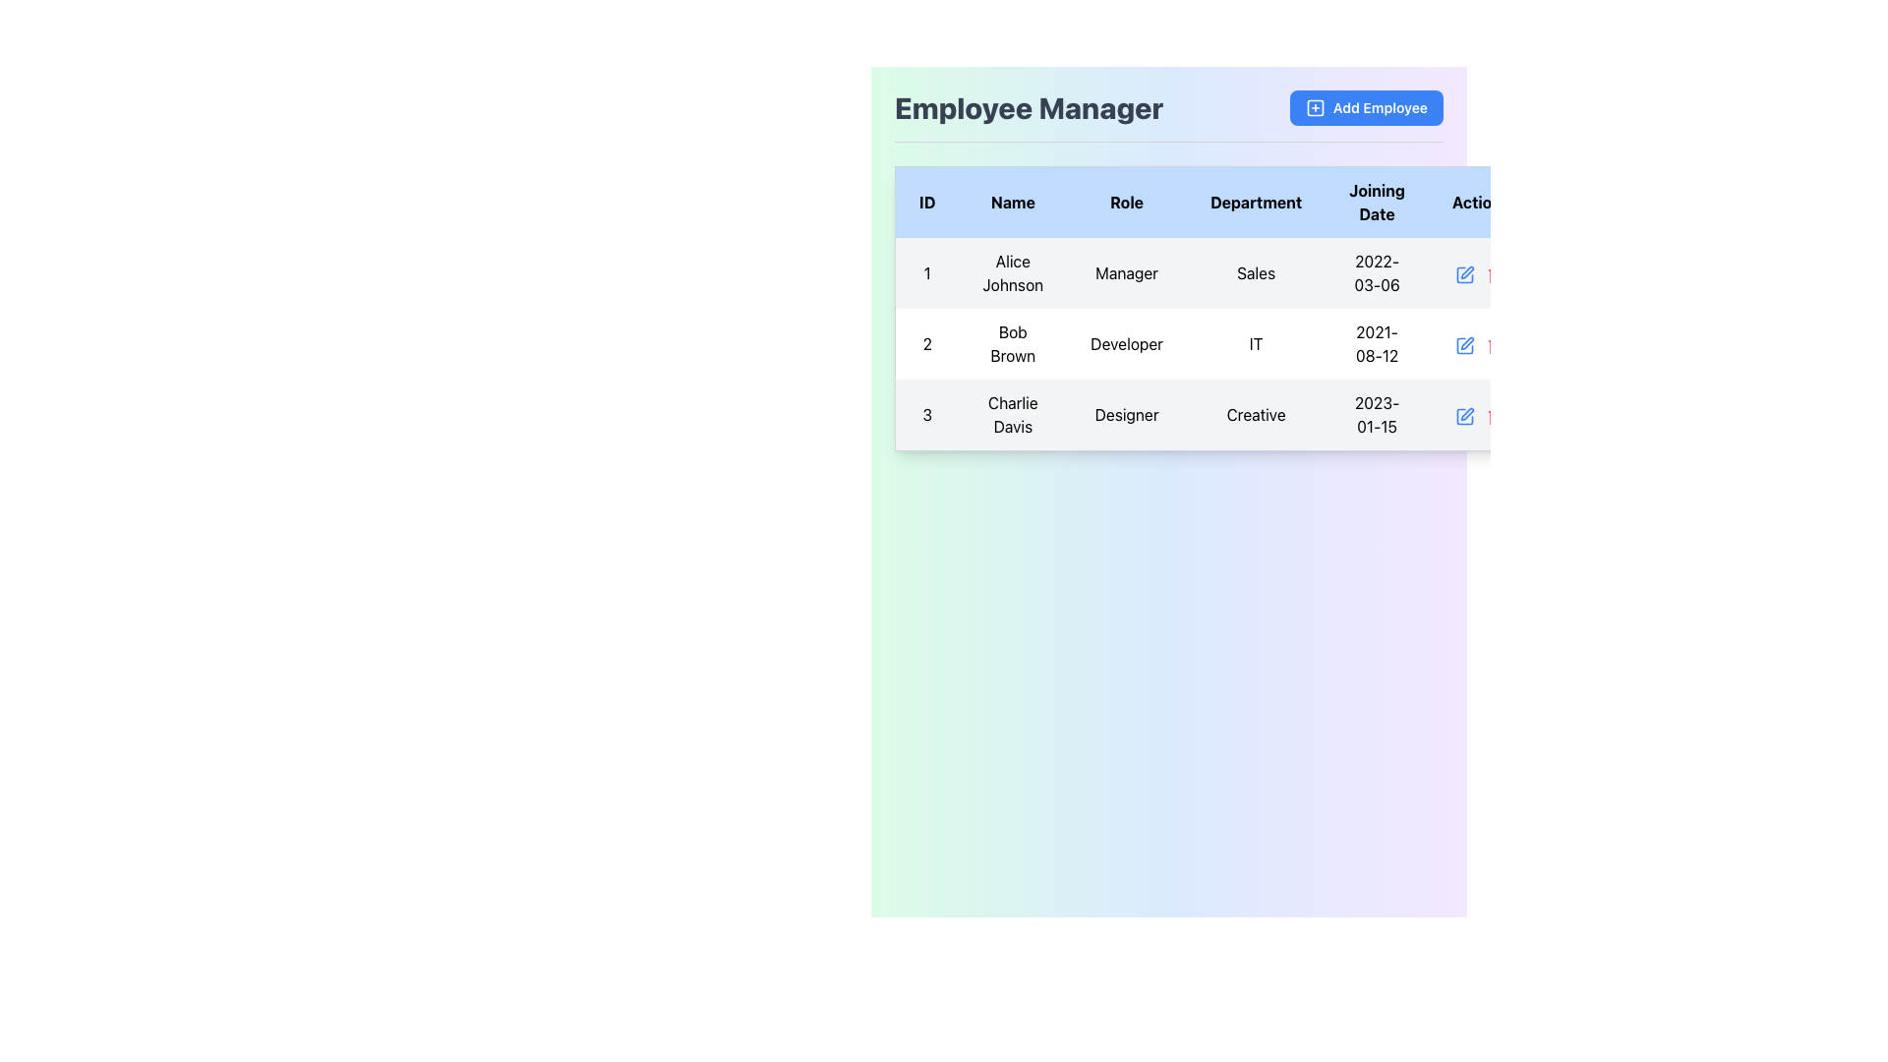 The image size is (1888, 1062). I want to click on the Decorative Graphic within the pencil-and-square icon in the 'Actions' column of the third row for 'Charlie Davis', so click(1465, 415).